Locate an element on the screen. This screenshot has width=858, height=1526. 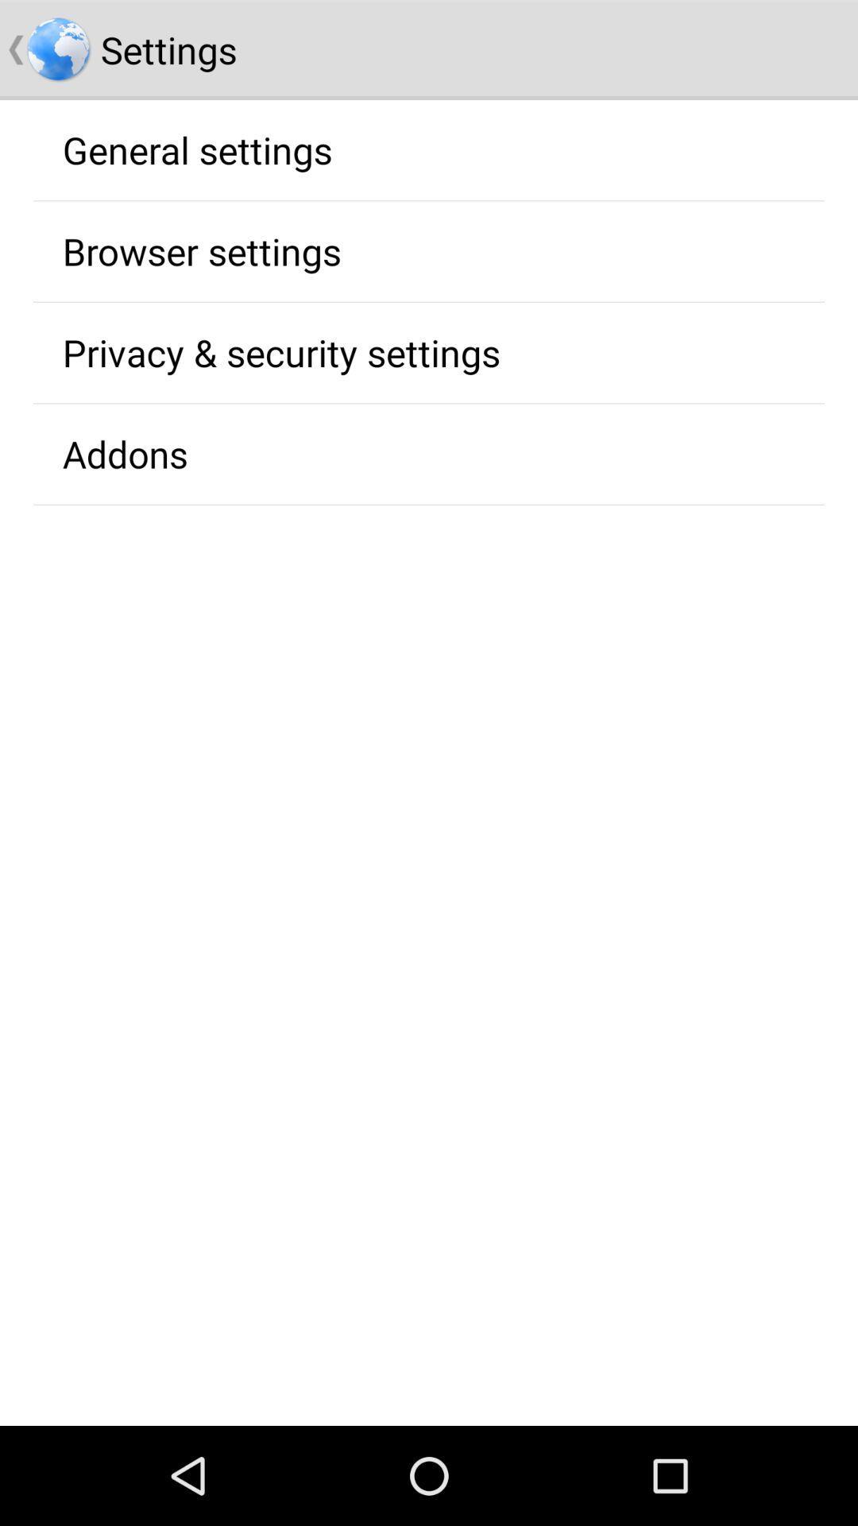
the privacy & security settings icon is located at coordinates (280, 351).